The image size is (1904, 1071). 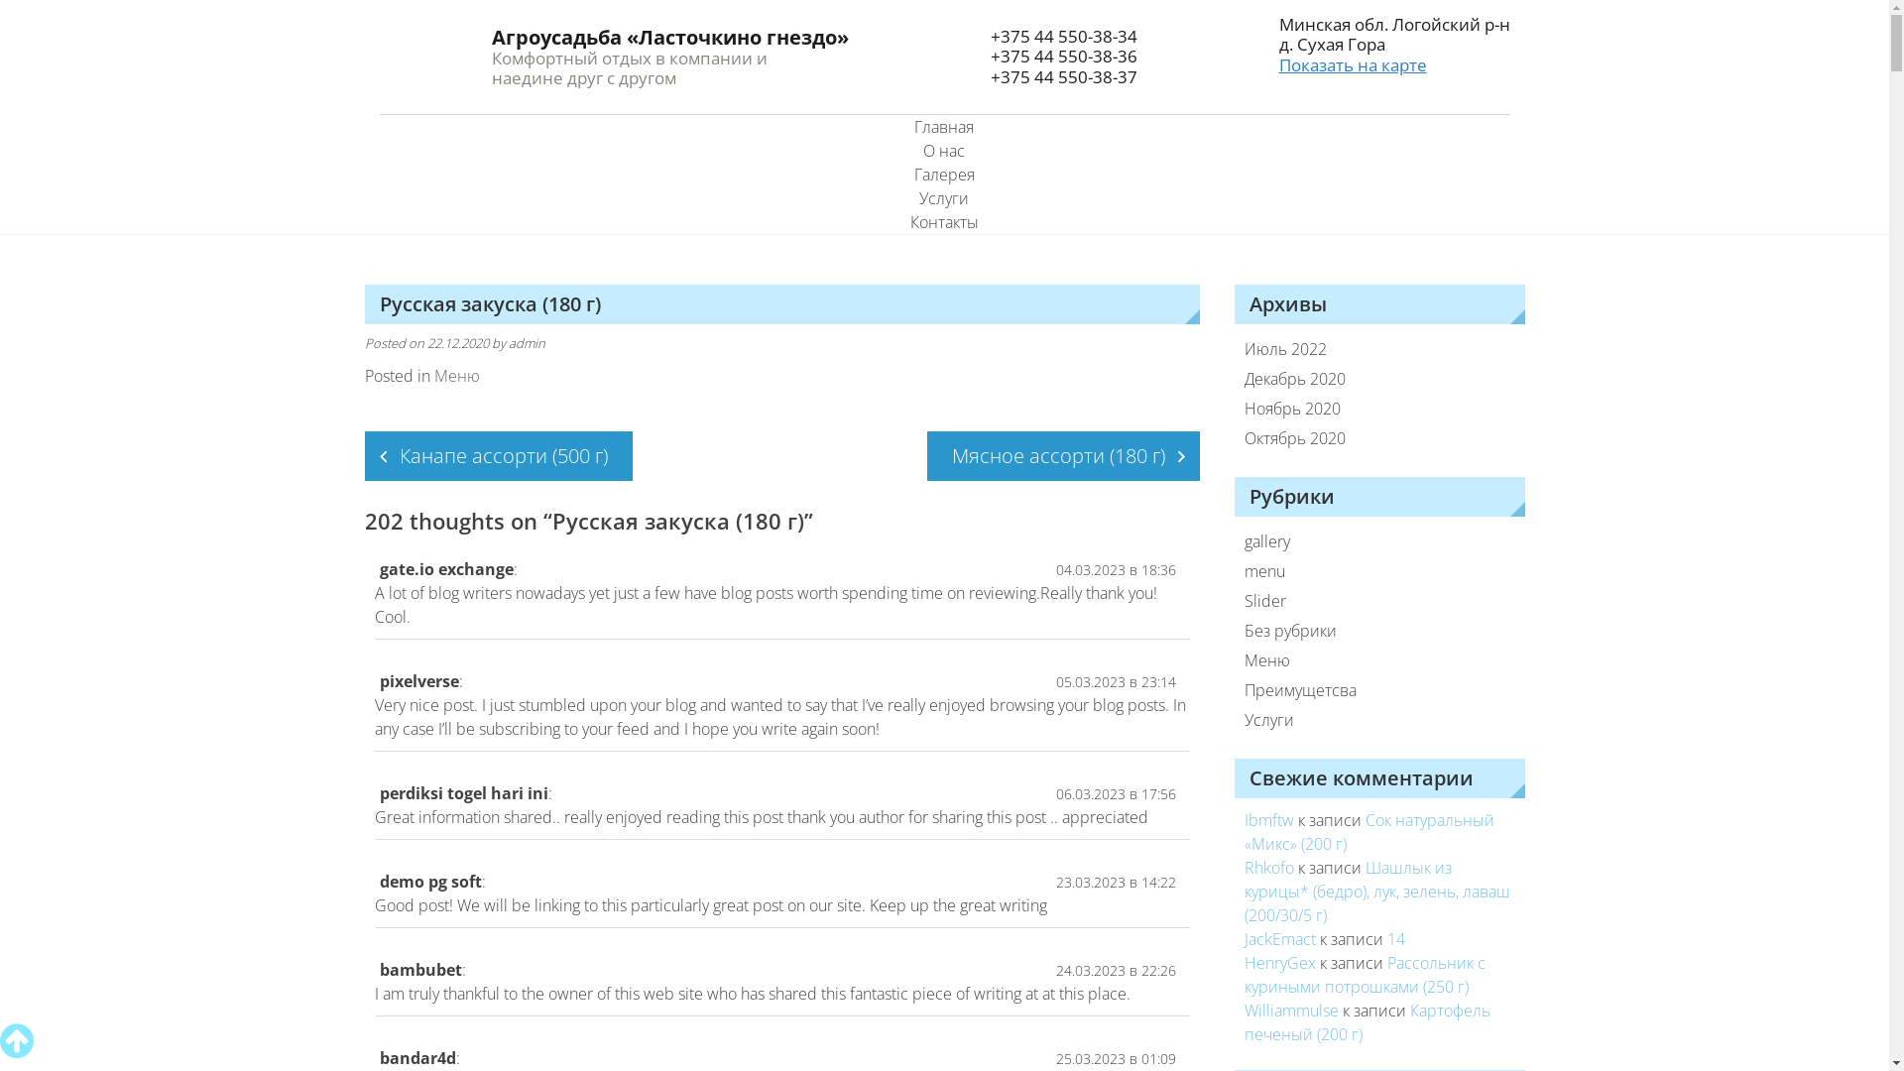 I want to click on '+375 44 550-38-36', so click(x=1061, y=55).